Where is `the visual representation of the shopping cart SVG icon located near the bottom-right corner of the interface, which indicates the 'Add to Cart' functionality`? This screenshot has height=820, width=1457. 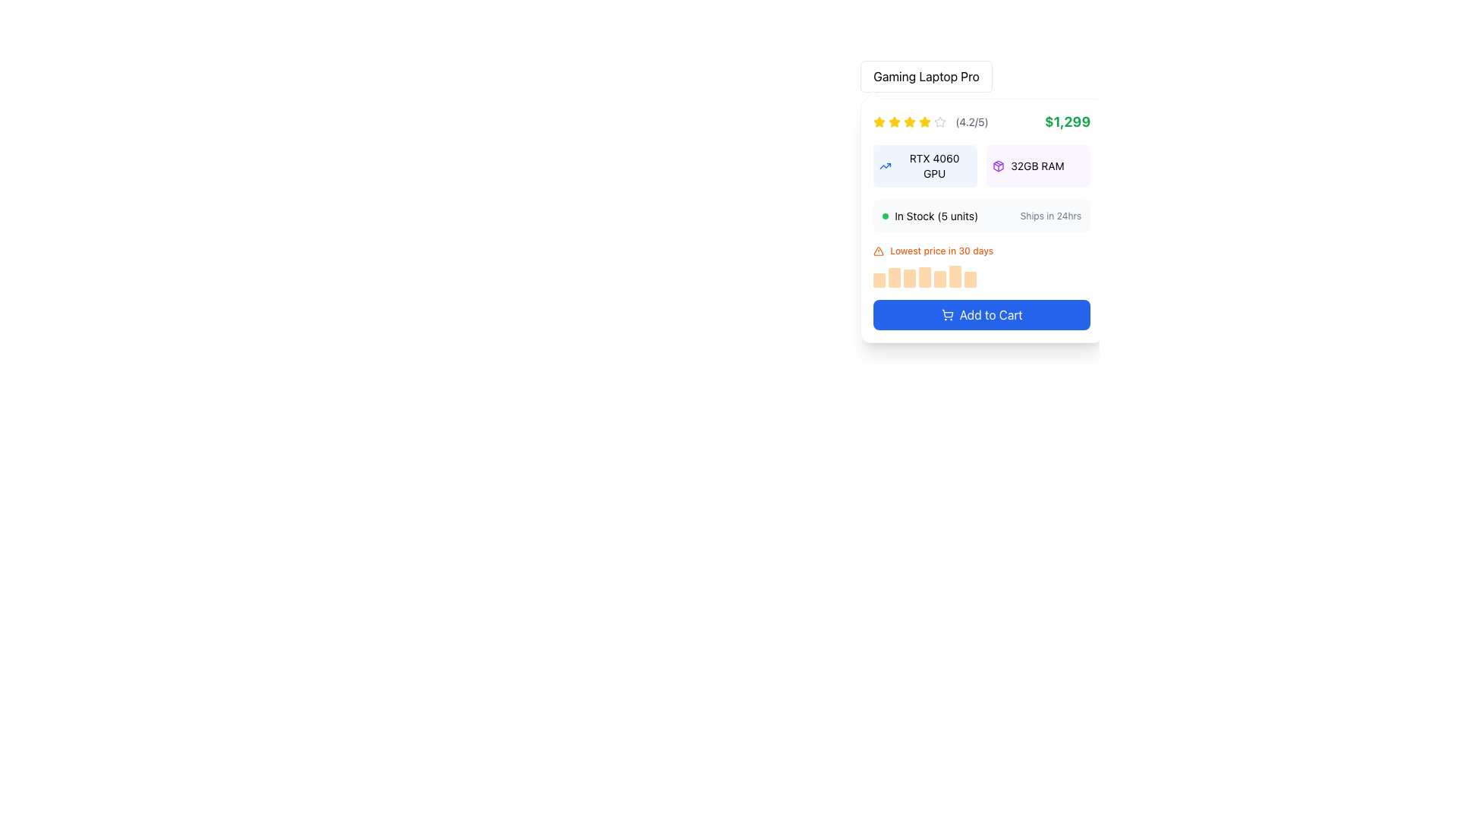
the visual representation of the shopping cart SVG icon located near the bottom-right corner of the interface, which indicates the 'Add to Cart' functionality is located at coordinates (946, 312).